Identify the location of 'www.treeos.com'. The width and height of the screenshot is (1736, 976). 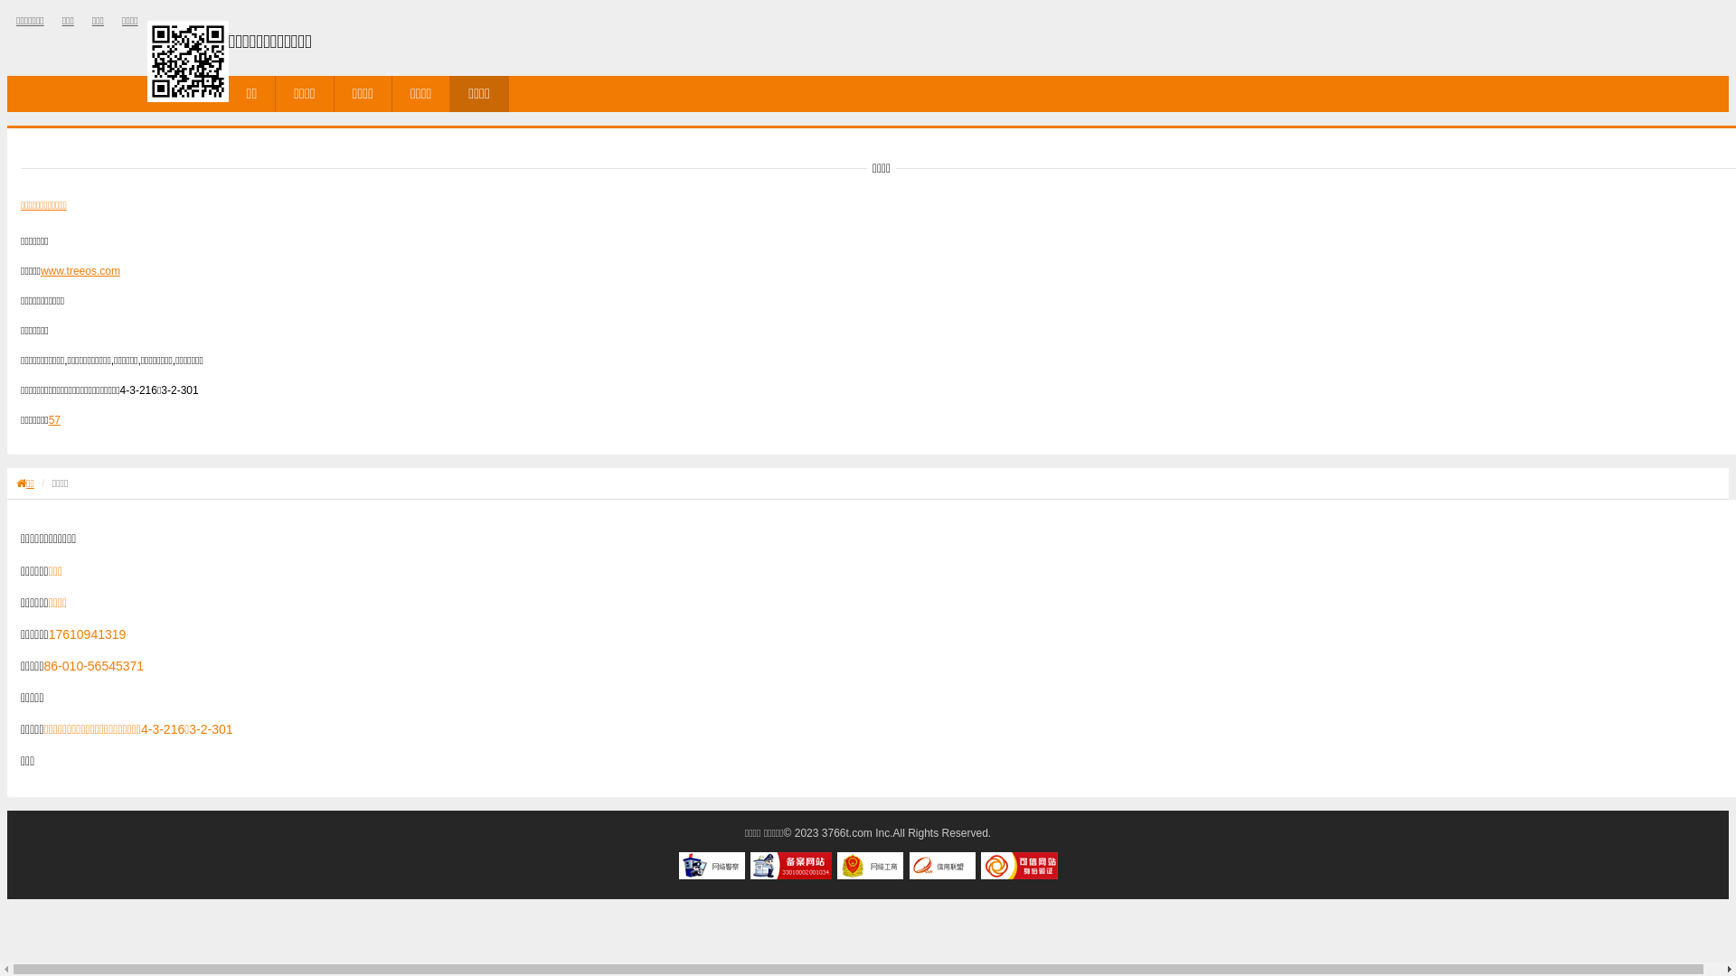
(80, 271).